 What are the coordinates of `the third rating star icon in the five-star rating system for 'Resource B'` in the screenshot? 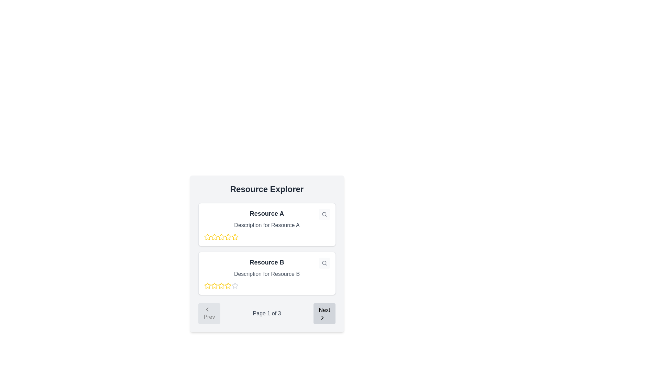 It's located at (214, 286).